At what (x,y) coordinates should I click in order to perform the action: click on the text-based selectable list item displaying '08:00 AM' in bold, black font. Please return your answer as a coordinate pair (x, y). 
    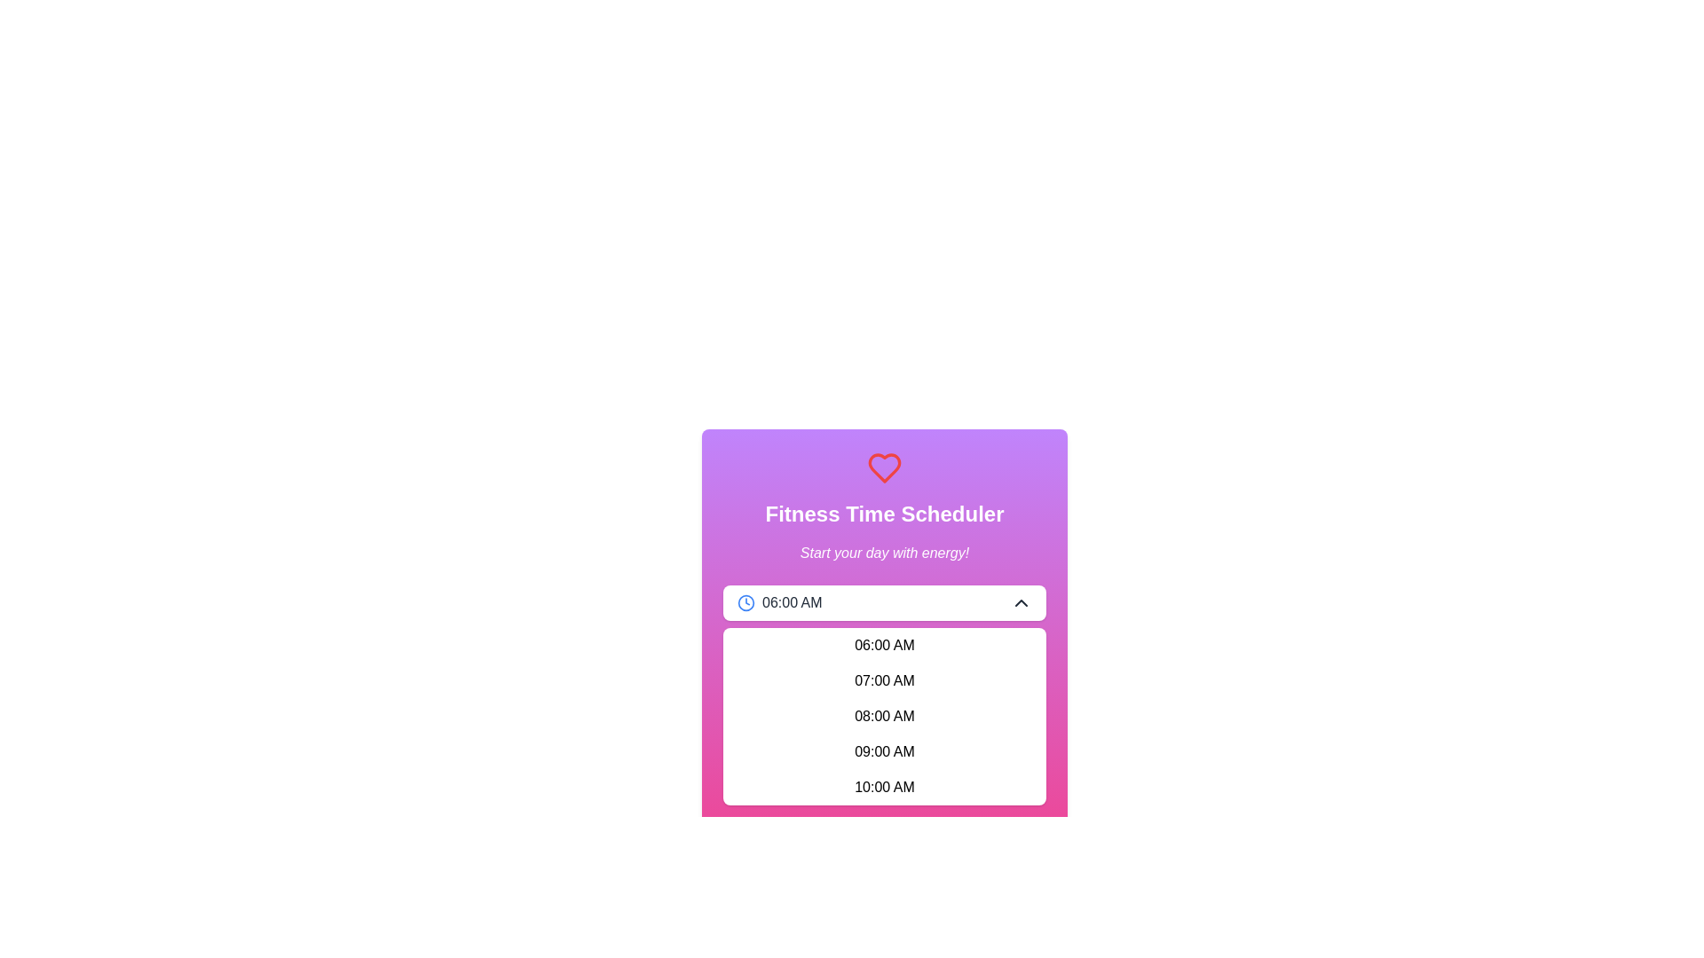
    Looking at the image, I should click on (885, 715).